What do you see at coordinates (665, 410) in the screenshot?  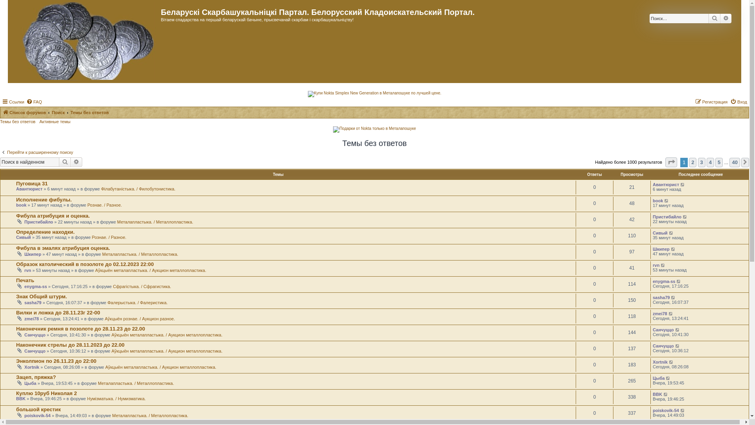 I see `'poiskovik-54'` at bounding box center [665, 410].